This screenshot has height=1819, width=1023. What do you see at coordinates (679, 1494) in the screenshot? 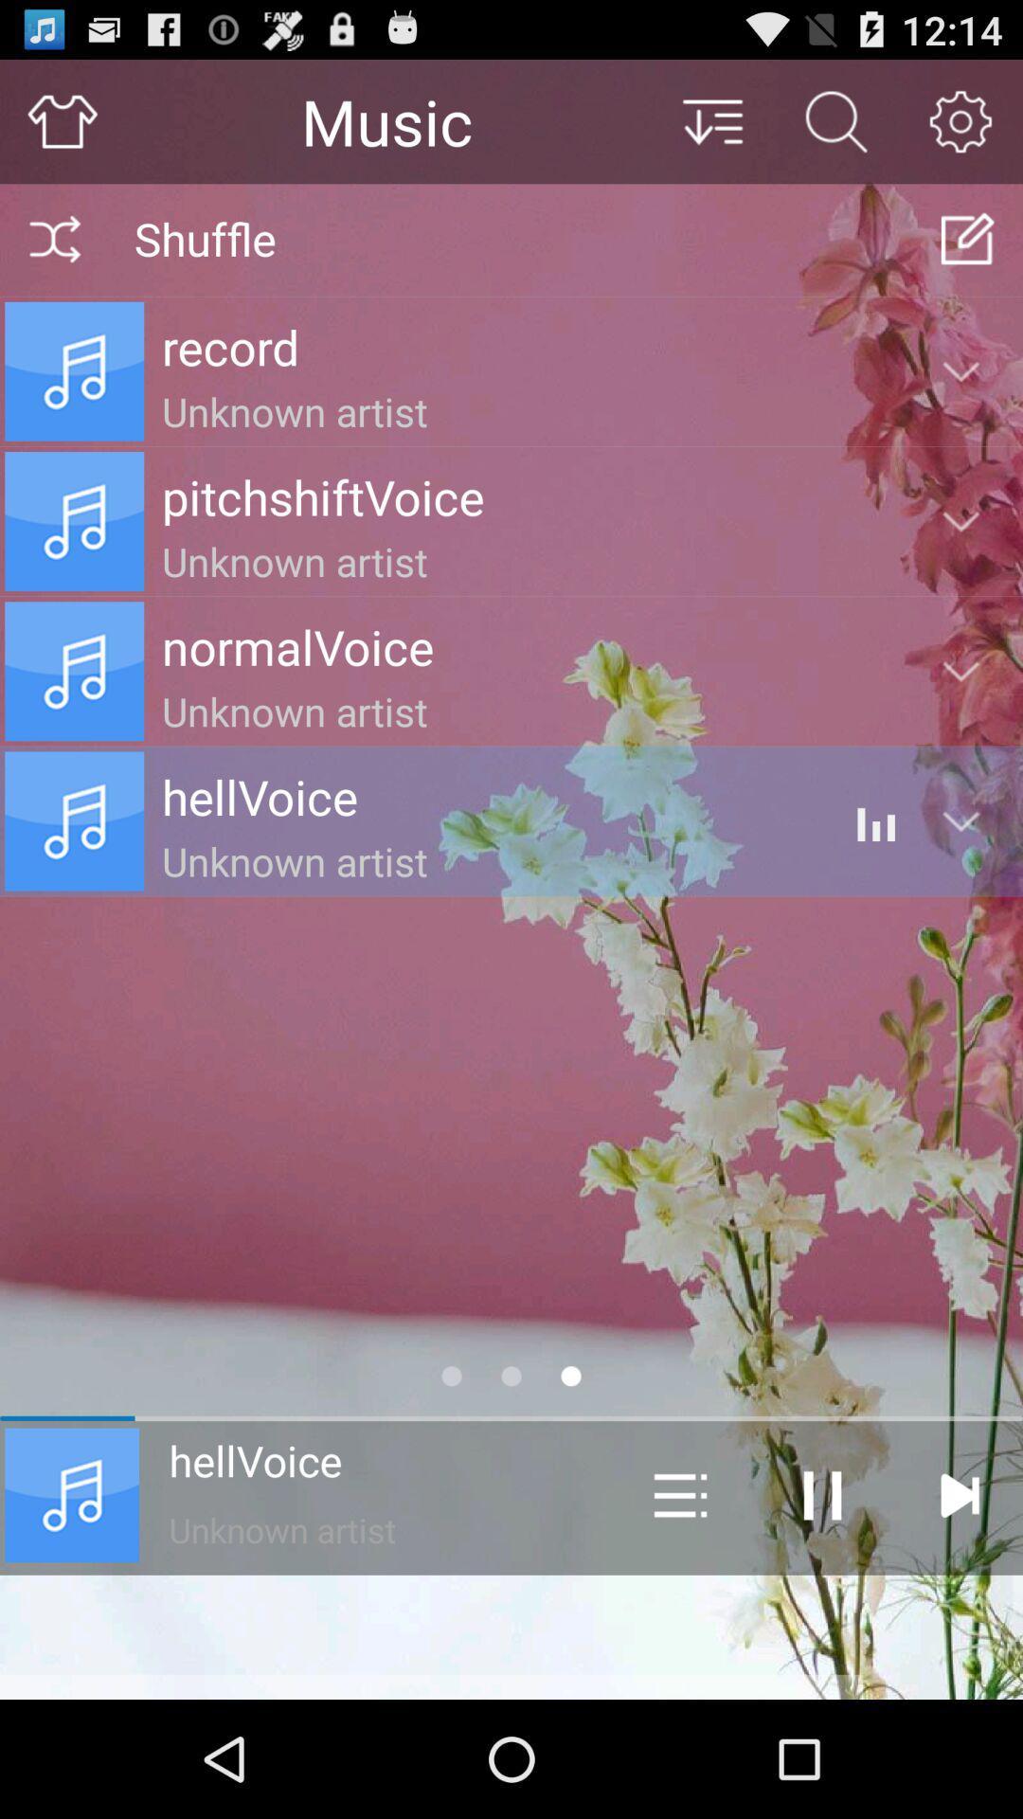
I see `the item to the right of the hellvoice icon` at bounding box center [679, 1494].